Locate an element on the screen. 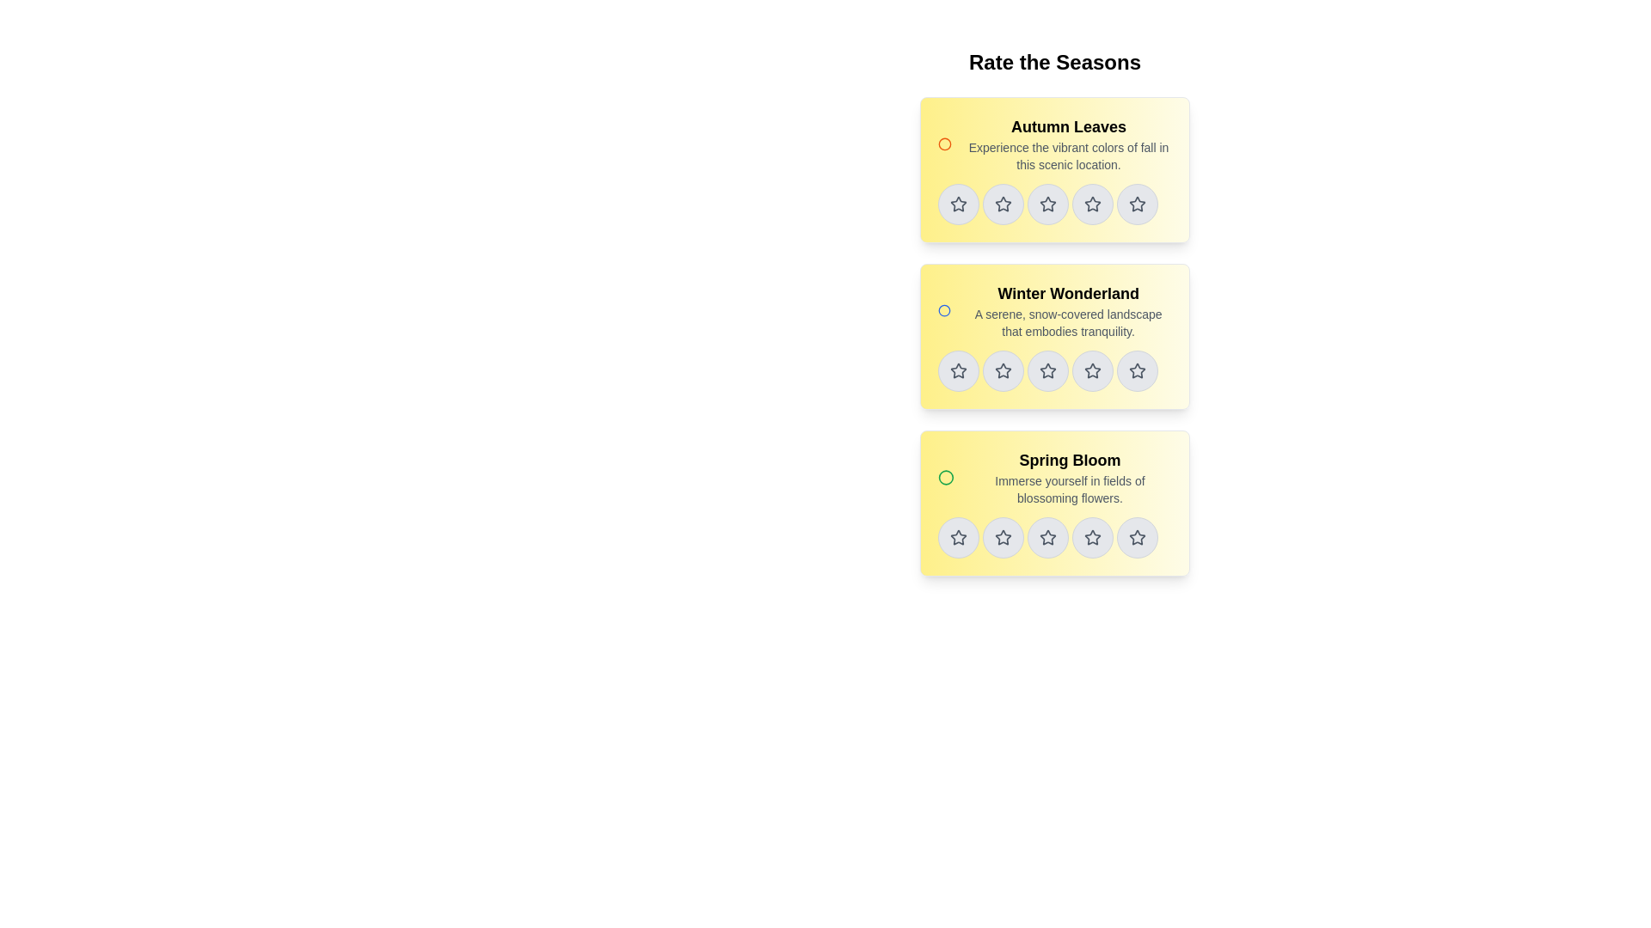  the circular button with a light gray background and dark gray outlined star icon, located in the 'Autumn Leaves' rating section for keyboard interaction is located at coordinates (957, 204).